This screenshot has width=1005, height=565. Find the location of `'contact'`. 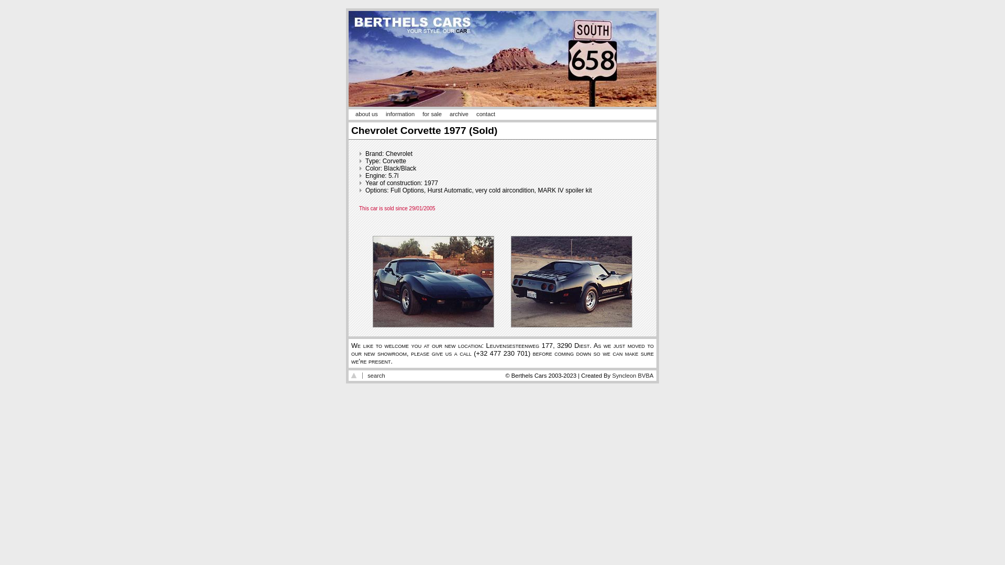

'contact' is located at coordinates (476, 114).